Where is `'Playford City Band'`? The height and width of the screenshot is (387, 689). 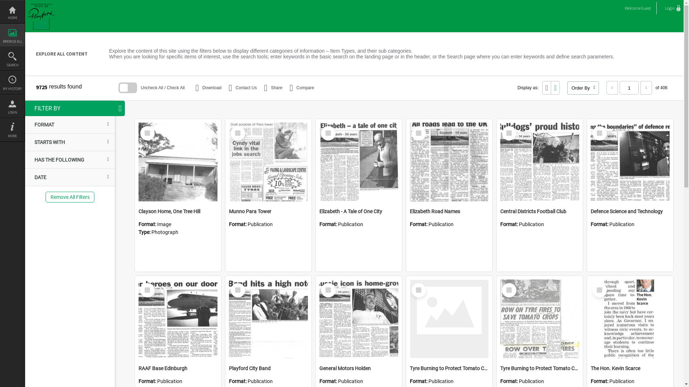 'Playford City Band' is located at coordinates (268, 319).